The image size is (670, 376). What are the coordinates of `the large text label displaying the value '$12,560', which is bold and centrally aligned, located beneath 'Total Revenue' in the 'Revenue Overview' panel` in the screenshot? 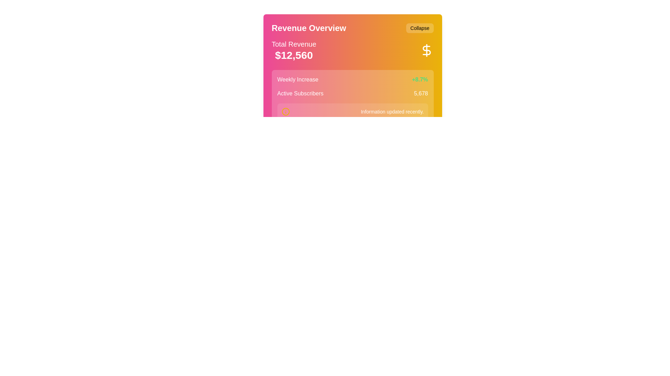 It's located at (294, 55).